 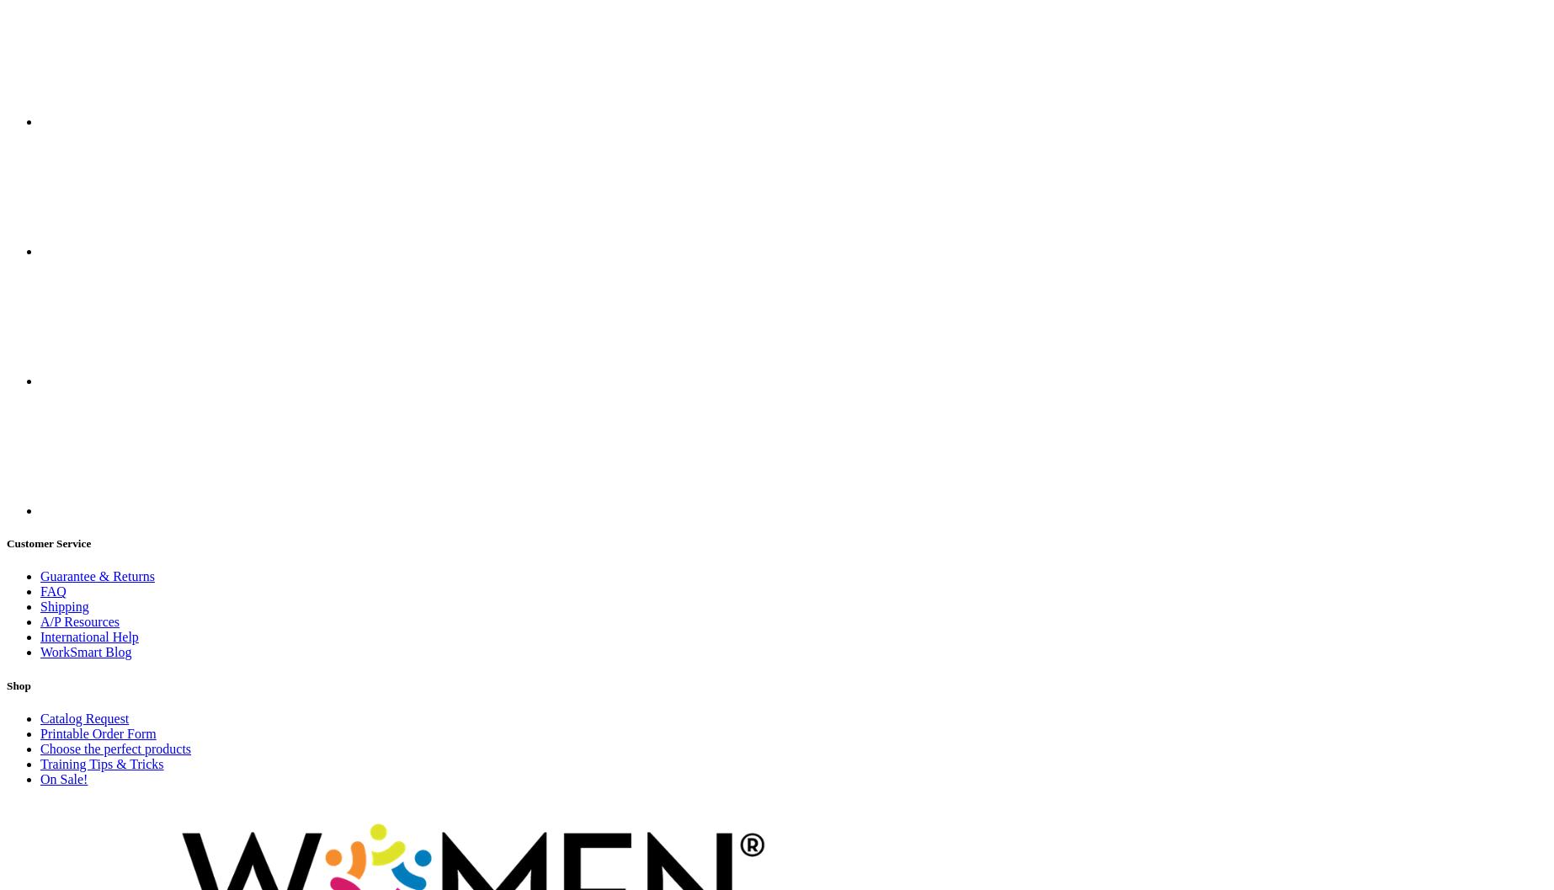 What do you see at coordinates (64, 605) in the screenshot?
I see `'Shipping'` at bounding box center [64, 605].